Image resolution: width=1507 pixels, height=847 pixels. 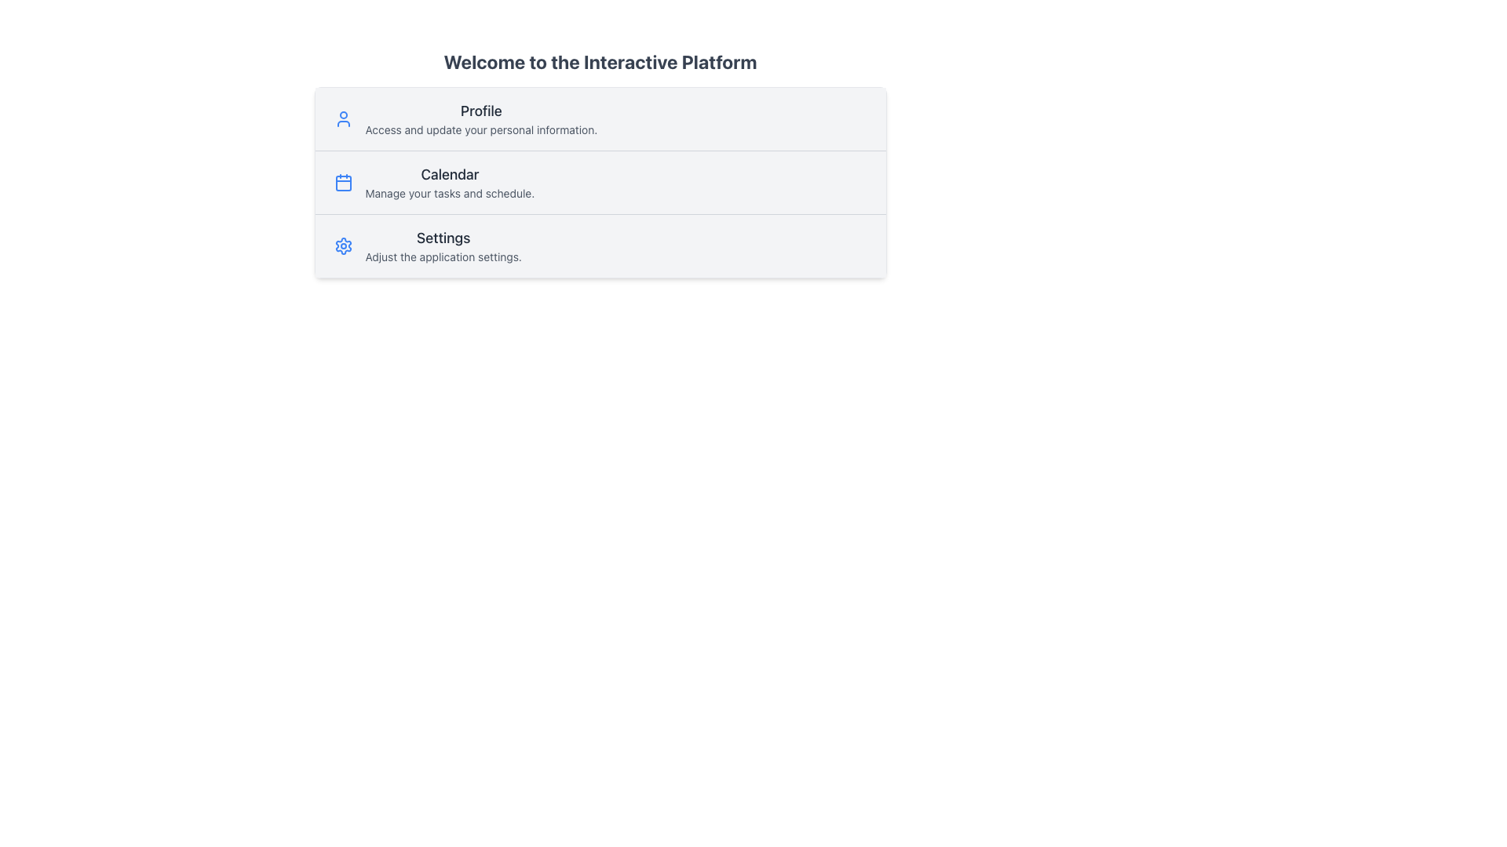 What do you see at coordinates (599, 181) in the screenshot?
I see `contents of the List item labeled 'Calendar' which contains an icon and two textual components, positioned as the second row in a vertical list` at bounding box center [599, 181].